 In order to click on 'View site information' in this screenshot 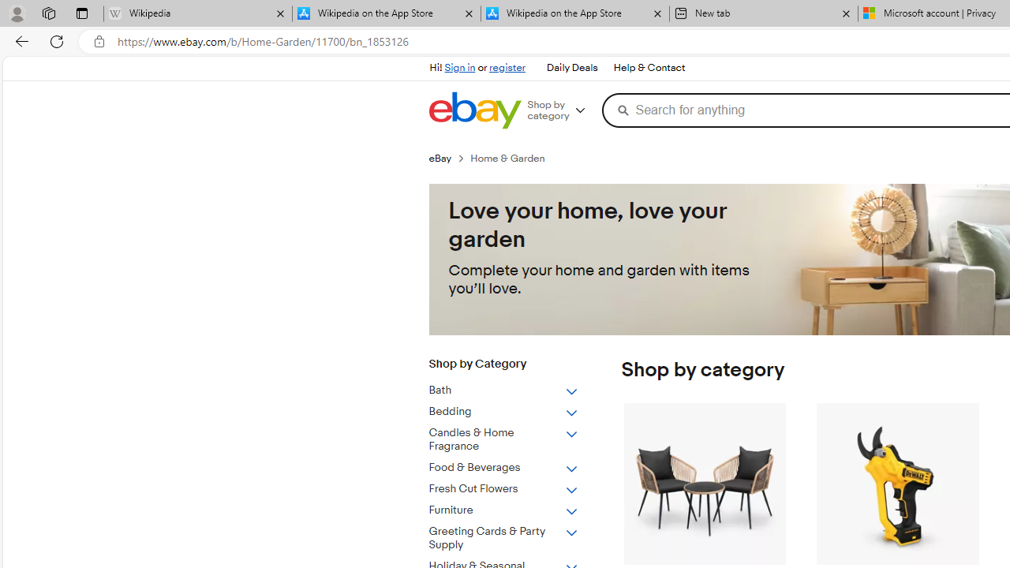, I will do `click(99, 41)`.